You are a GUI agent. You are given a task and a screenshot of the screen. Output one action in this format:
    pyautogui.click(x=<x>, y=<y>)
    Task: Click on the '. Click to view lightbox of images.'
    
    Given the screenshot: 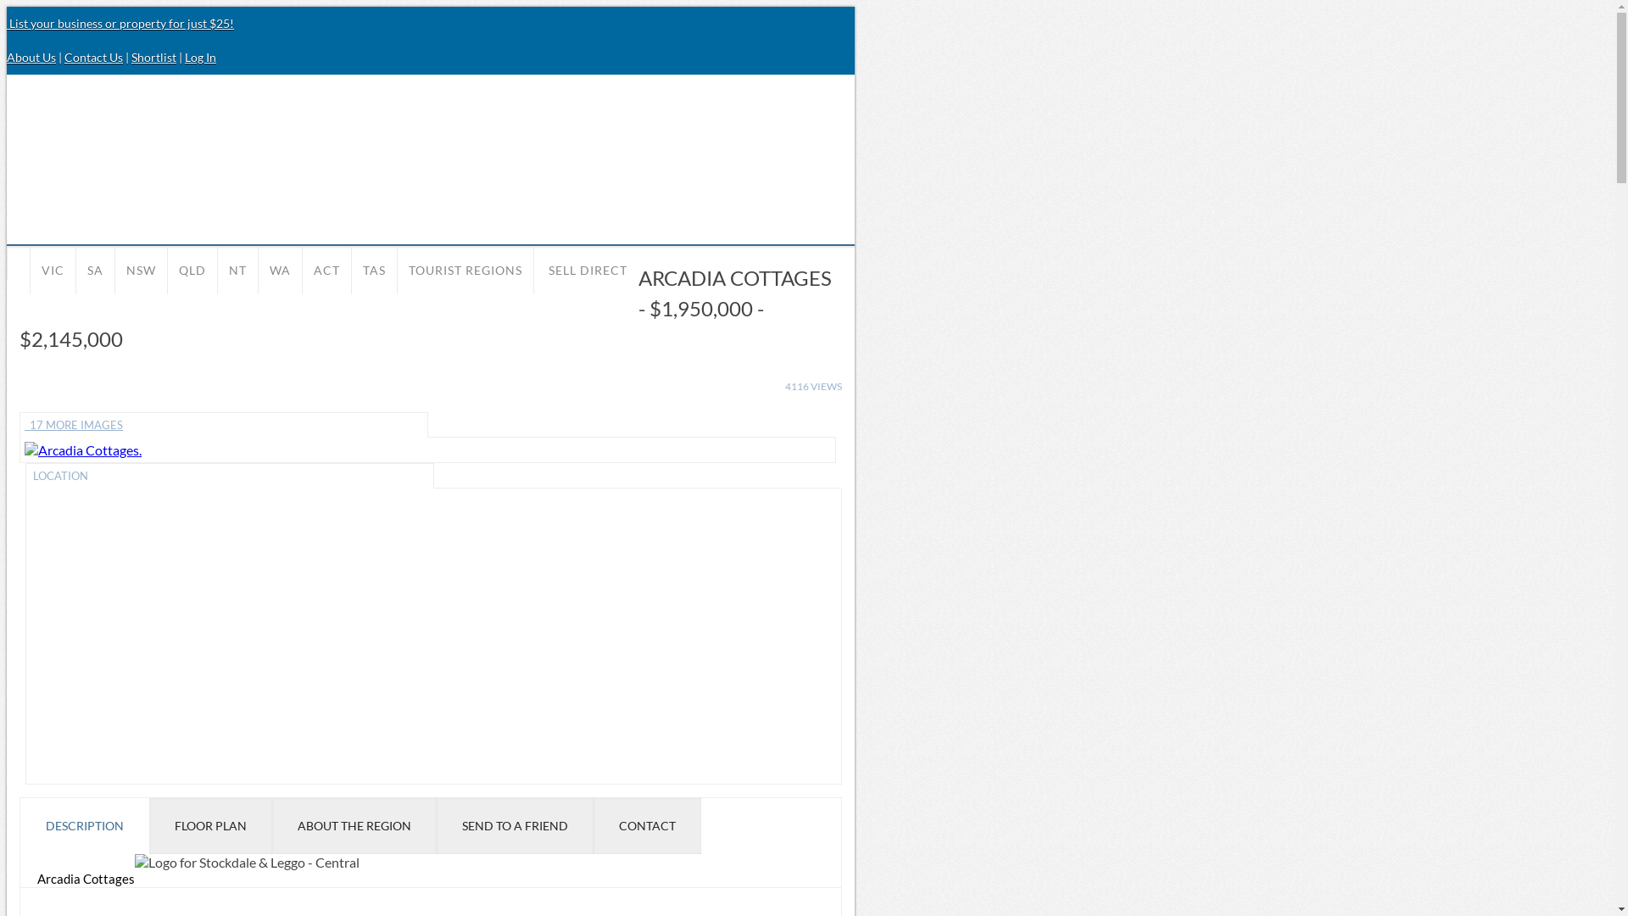 What is the action you would take?
    pyautogui.click(x=81, y=449)
    